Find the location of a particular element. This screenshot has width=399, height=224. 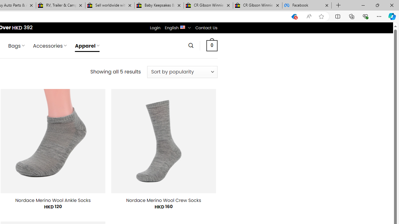

'English' is located at coordinates (182, 26).